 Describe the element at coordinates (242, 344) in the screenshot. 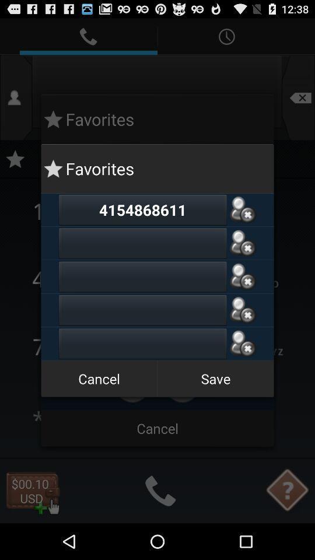

I see `remove this contact` at that location.